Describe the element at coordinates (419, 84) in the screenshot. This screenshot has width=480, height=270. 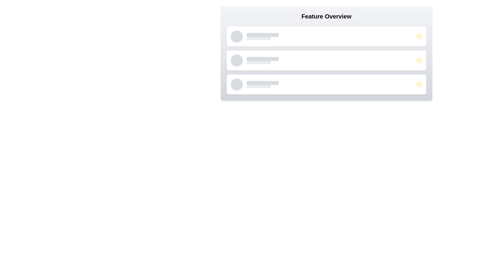
I see `the spinning motion of the yellow spinning loader icon located on the right side of the third card in a vertical list of cards` at that location.